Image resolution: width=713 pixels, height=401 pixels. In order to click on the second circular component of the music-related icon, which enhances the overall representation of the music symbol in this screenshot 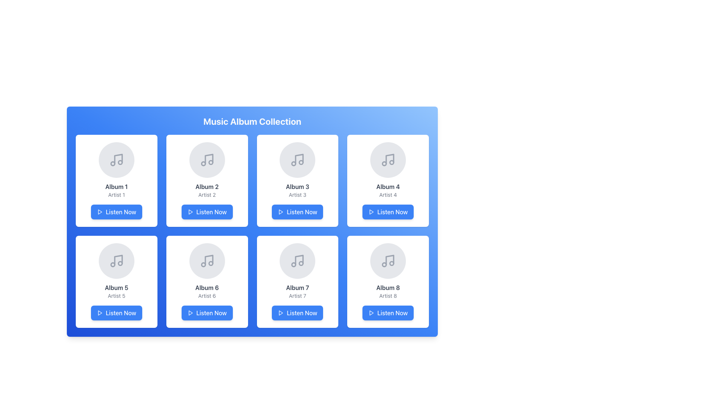, I will do `click(112, 264)`.